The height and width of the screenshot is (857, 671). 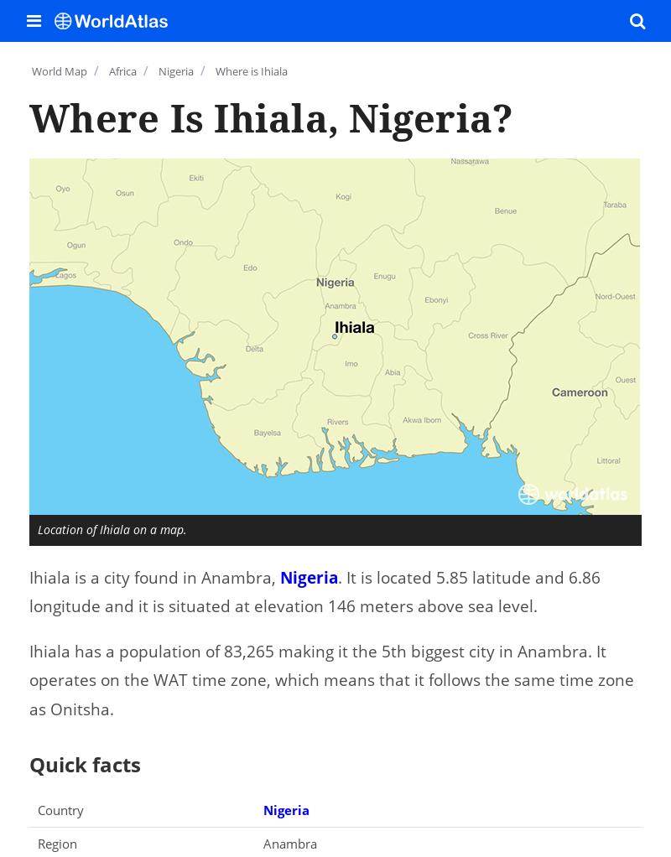 What do you see at coordinates (112, 528) in the screenshot?
I see `'Location of Ihiala on a map.'` at bounding box center [112, 528].